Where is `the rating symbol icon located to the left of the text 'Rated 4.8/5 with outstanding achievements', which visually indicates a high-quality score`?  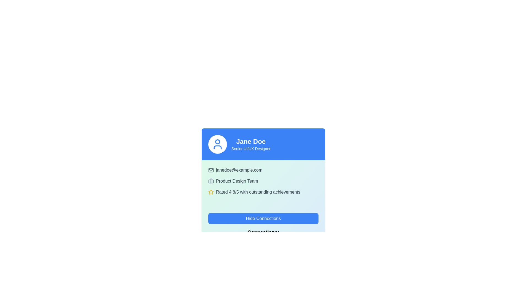 the rating symbol icon located to the left of the text 'Rated 4.8/5 with outstanding achievements', which visually indicates a high-quality score is located at coordinates (211, 192).